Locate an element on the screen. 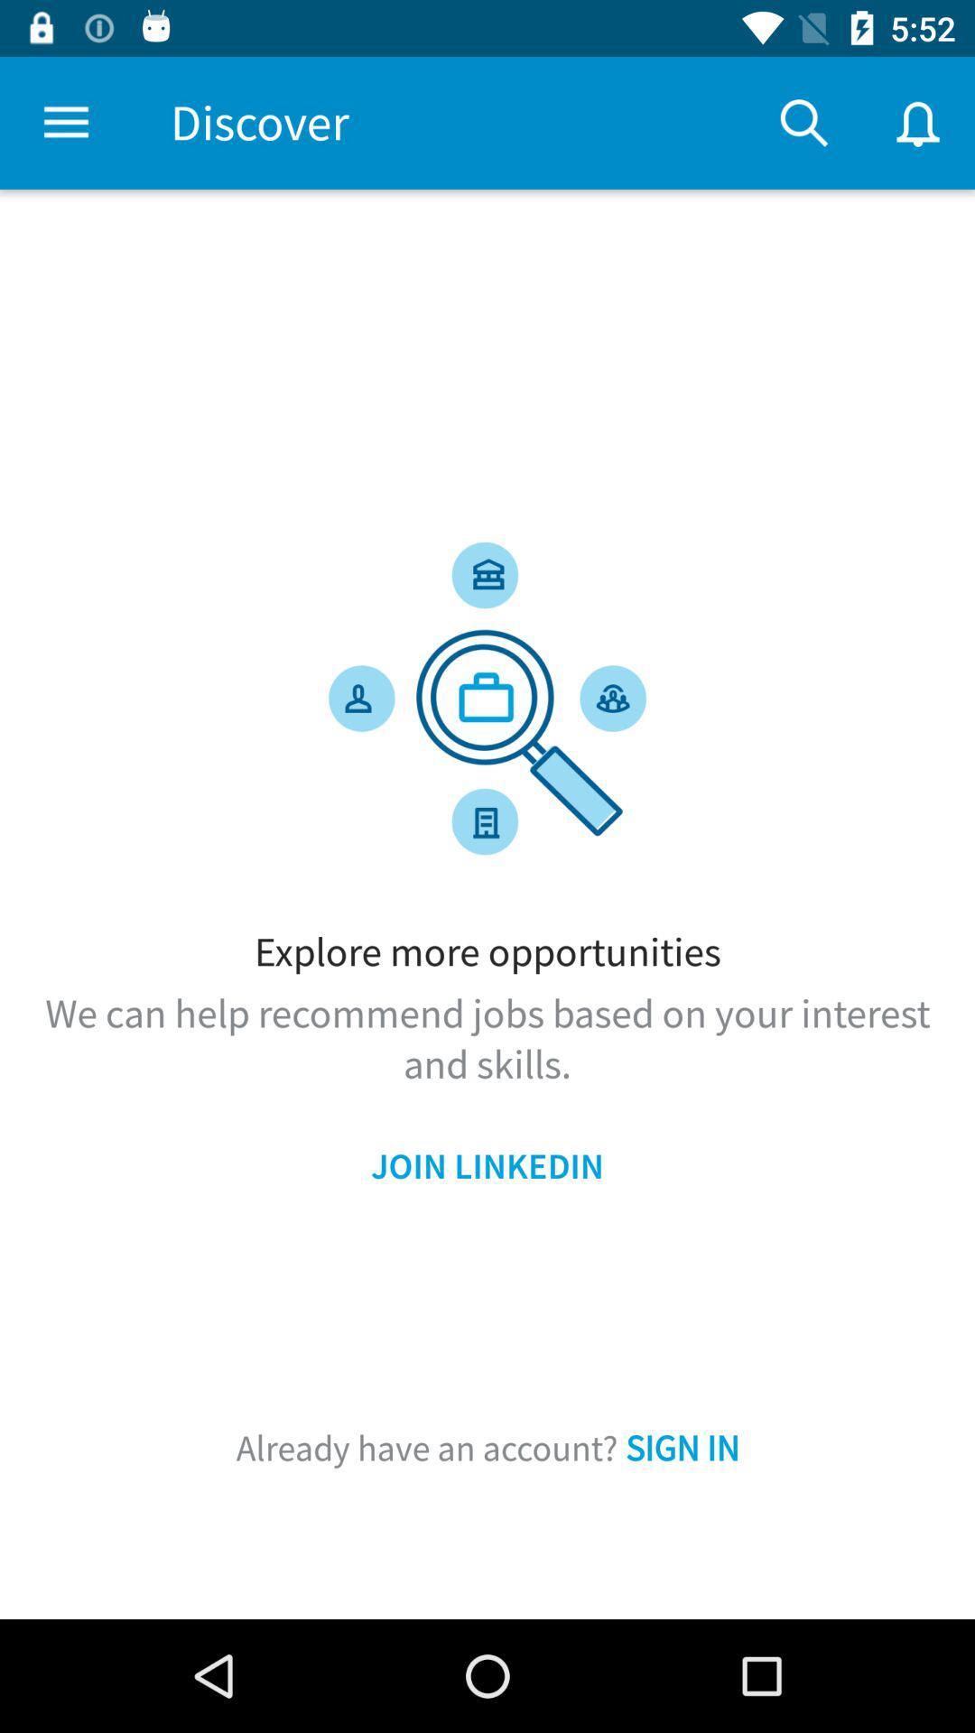 The height and width of the screenshot is (1733, 975). the join linkedin item is located at coordinates (487, 1166).